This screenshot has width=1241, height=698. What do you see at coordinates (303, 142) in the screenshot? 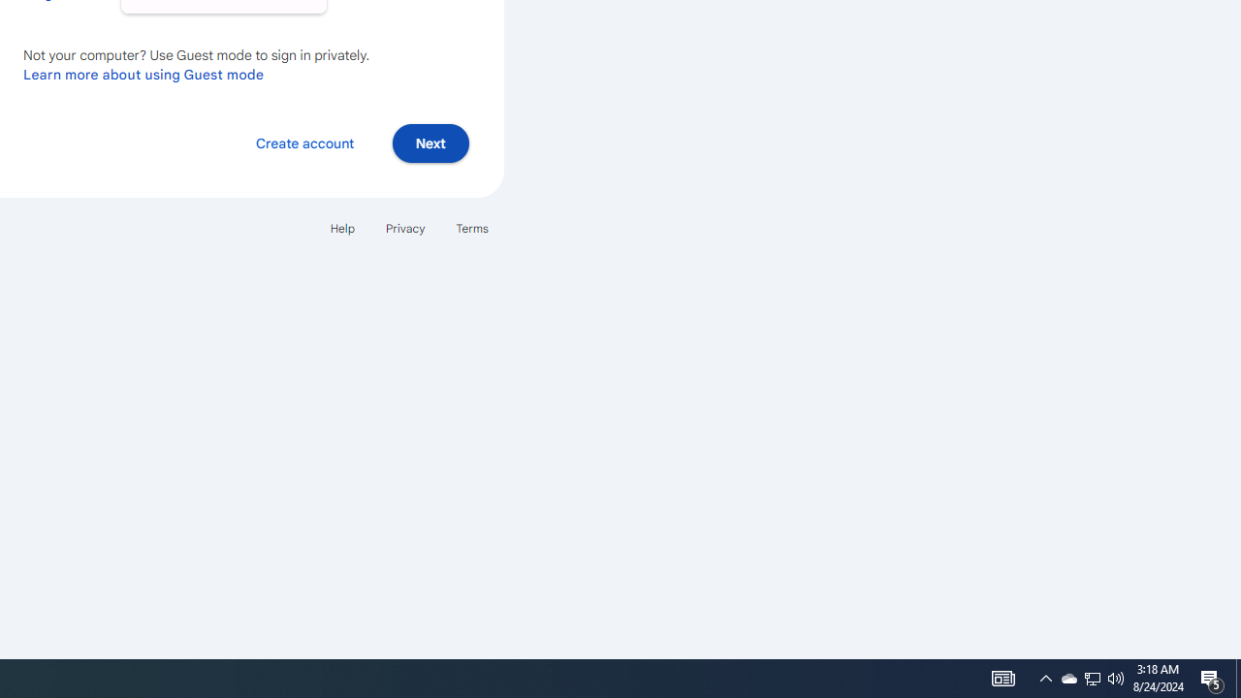
I see `'Create account'` at bounding box center [303, 142].